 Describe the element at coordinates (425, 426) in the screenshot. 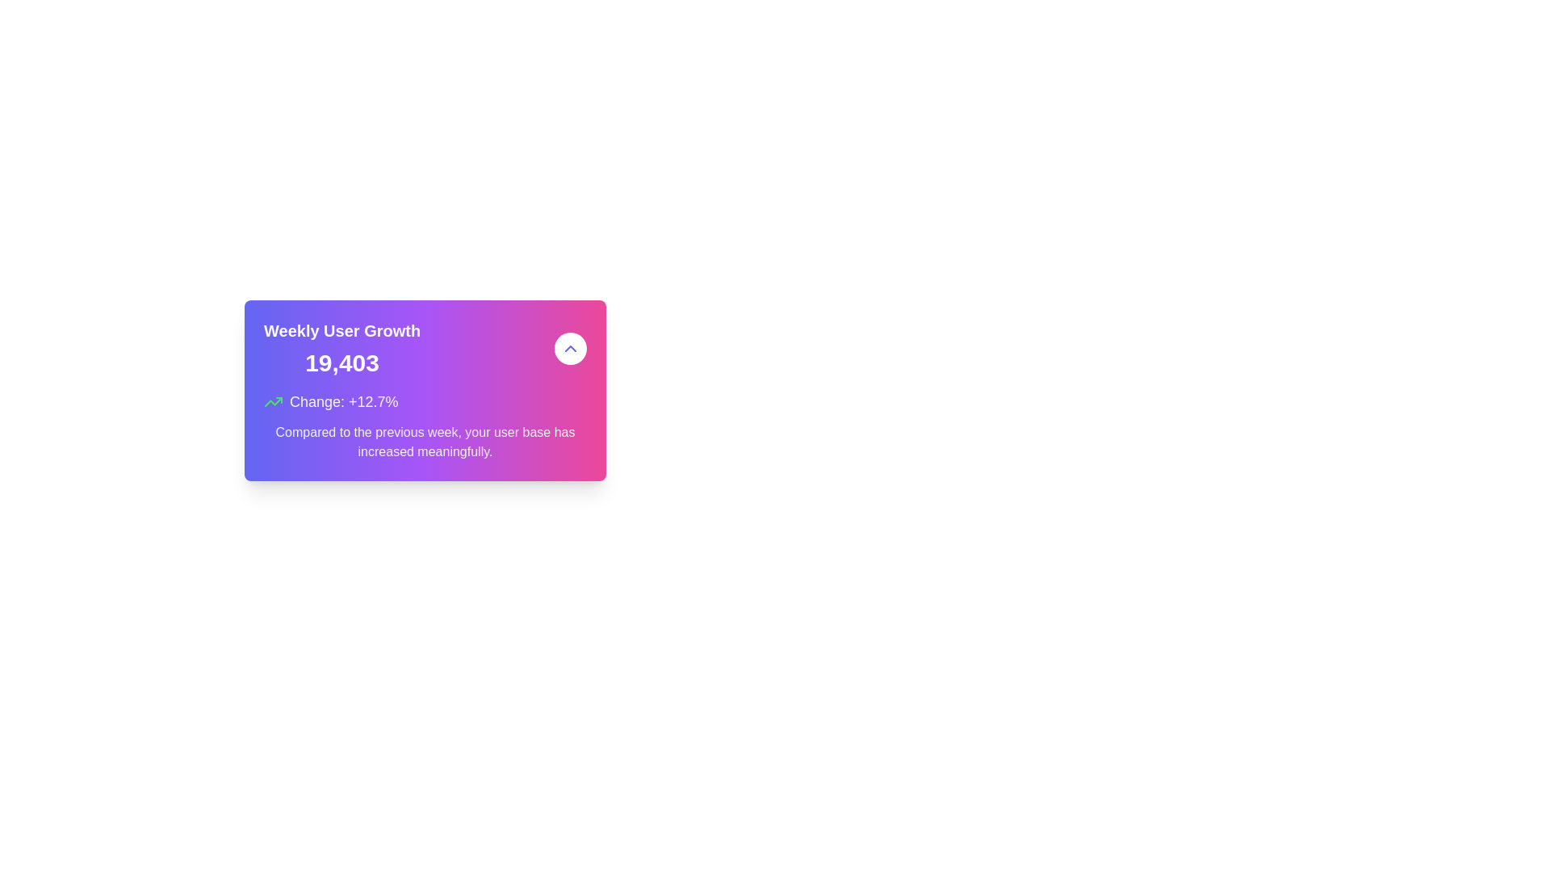

I see `percentage increase displayed in the Text Section located in the lower portion of the card layout containing weekly growth statistics` at that location.